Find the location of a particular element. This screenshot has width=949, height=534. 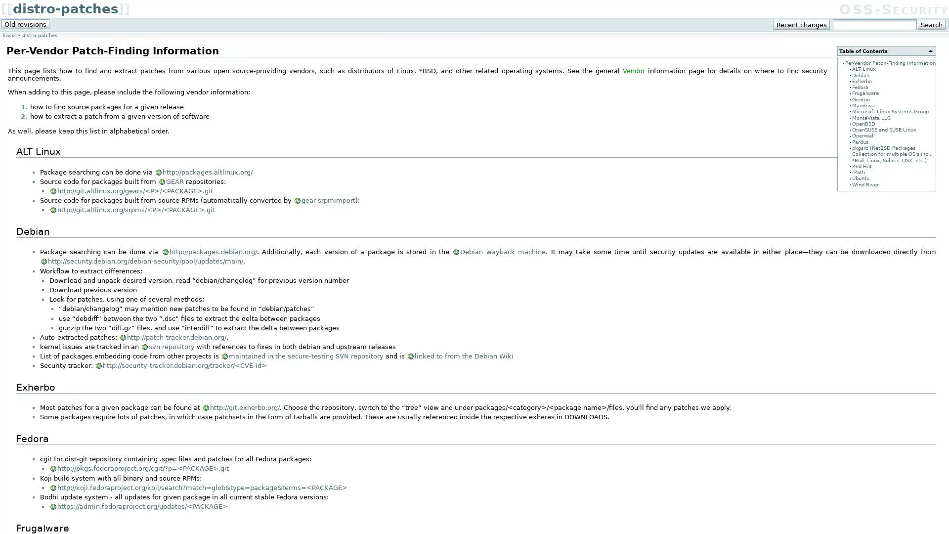

Old revisions is located at coordinates (25, 24).